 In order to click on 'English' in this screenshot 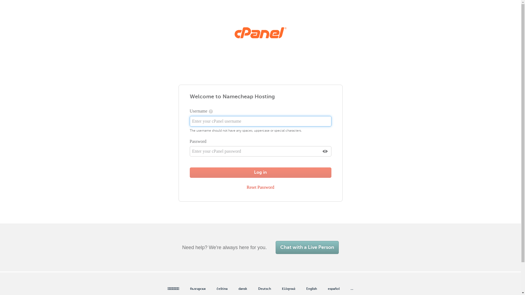, I will do `click(311, 288)`.